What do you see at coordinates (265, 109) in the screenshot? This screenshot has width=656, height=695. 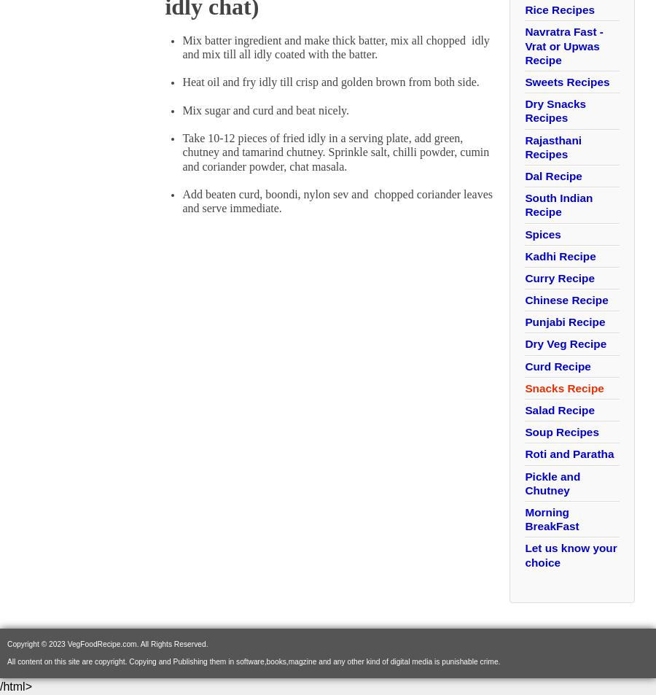 I see `'Mix sugar and curd and beat nicely.'` at bounding box center [265, 109].